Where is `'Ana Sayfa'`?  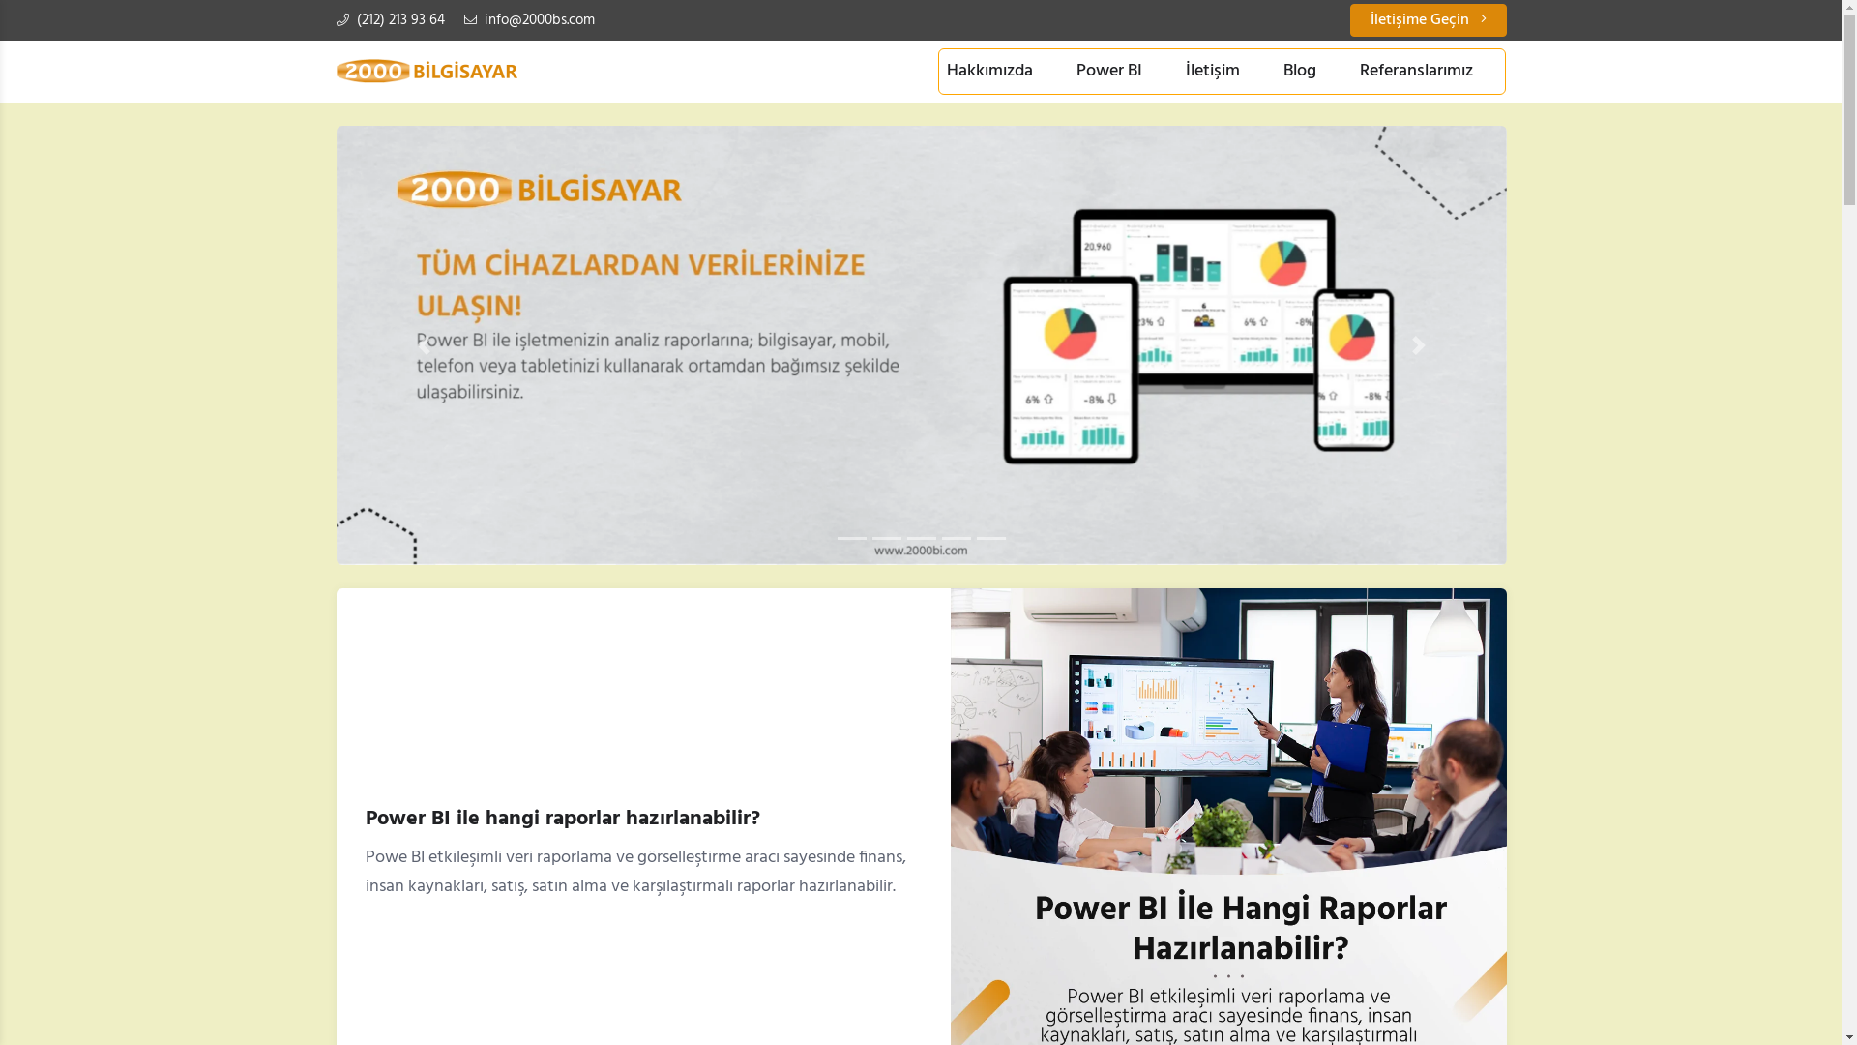
'Ana Sayfa' is located at coordinates (426, 70).